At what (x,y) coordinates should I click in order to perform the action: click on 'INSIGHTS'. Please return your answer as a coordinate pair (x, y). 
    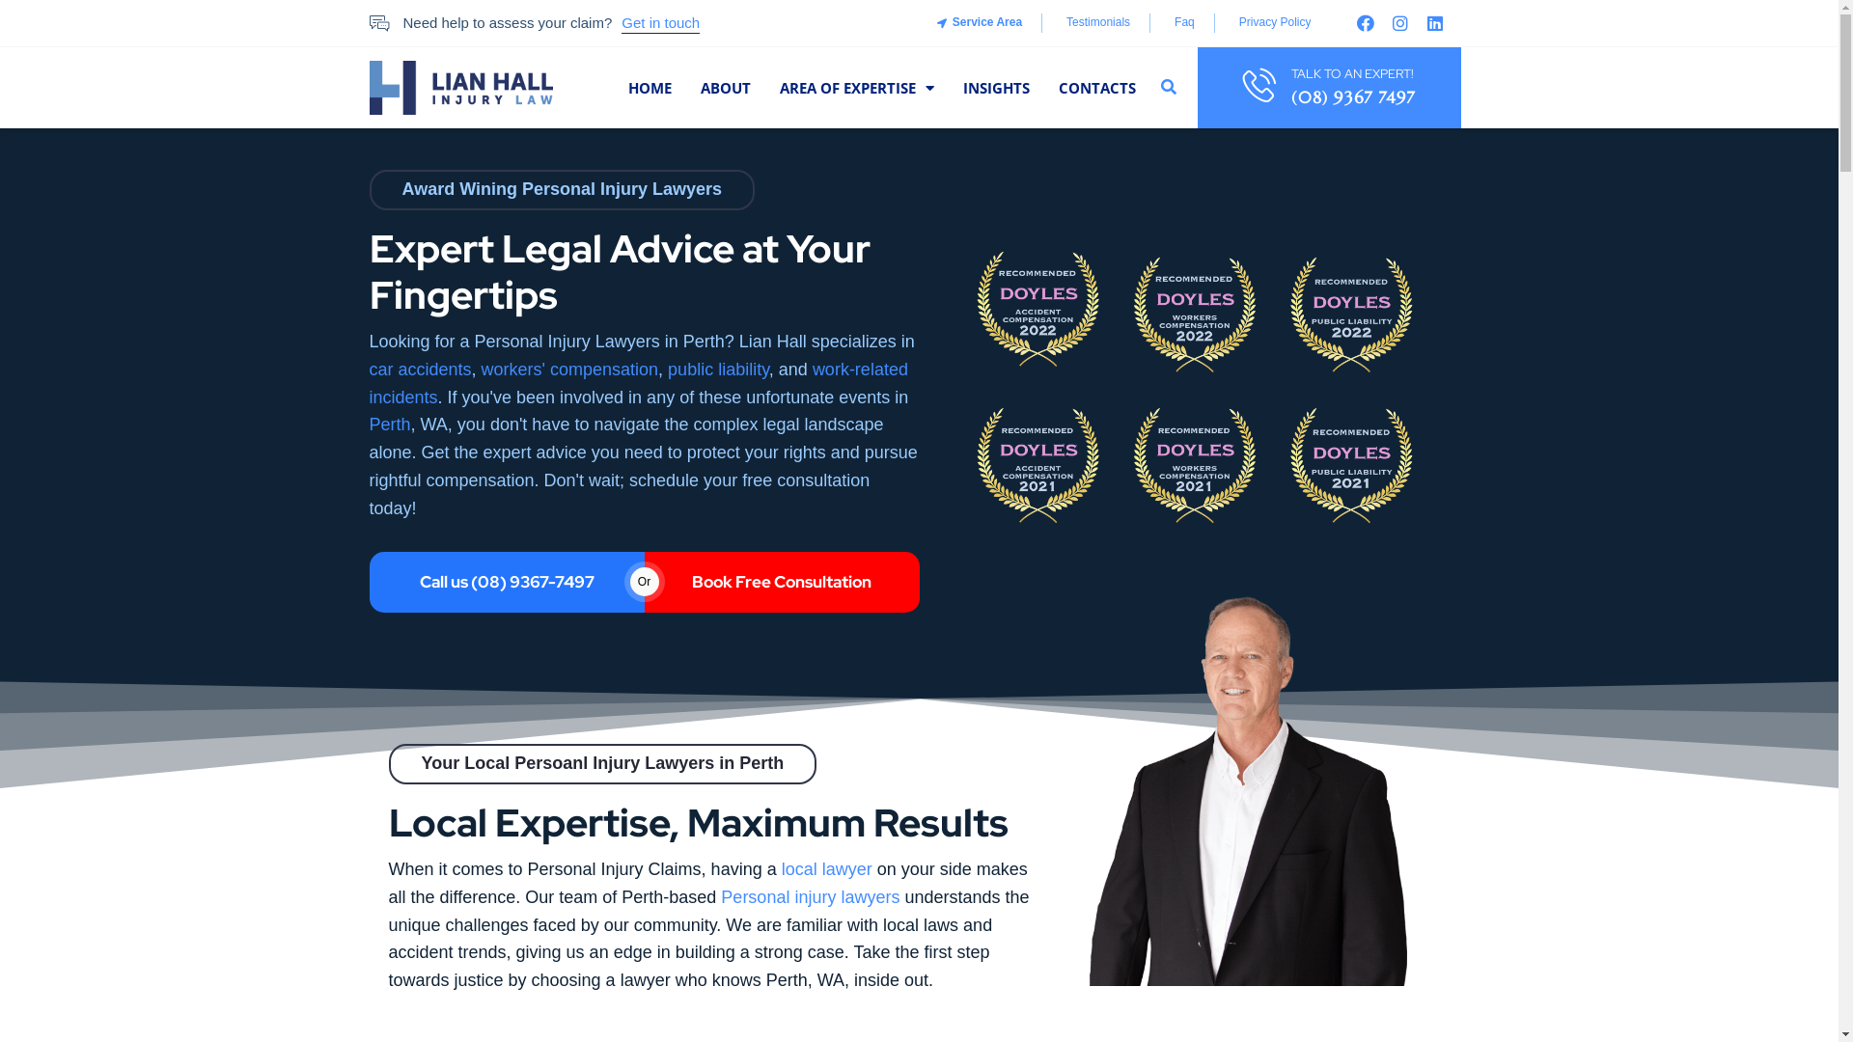
    Looking at the image, I should click on (963, 88).